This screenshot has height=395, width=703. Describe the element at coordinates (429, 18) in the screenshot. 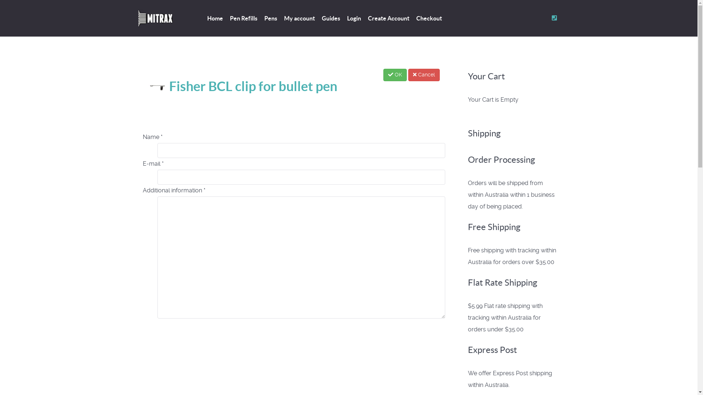

I see `'Checkout'` at that location.